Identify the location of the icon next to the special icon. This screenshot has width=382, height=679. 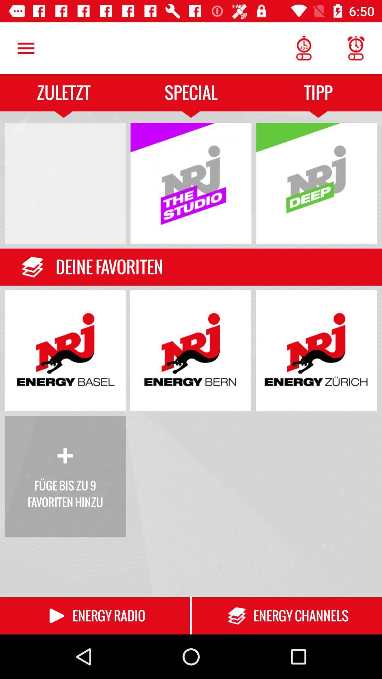
(25, 48).